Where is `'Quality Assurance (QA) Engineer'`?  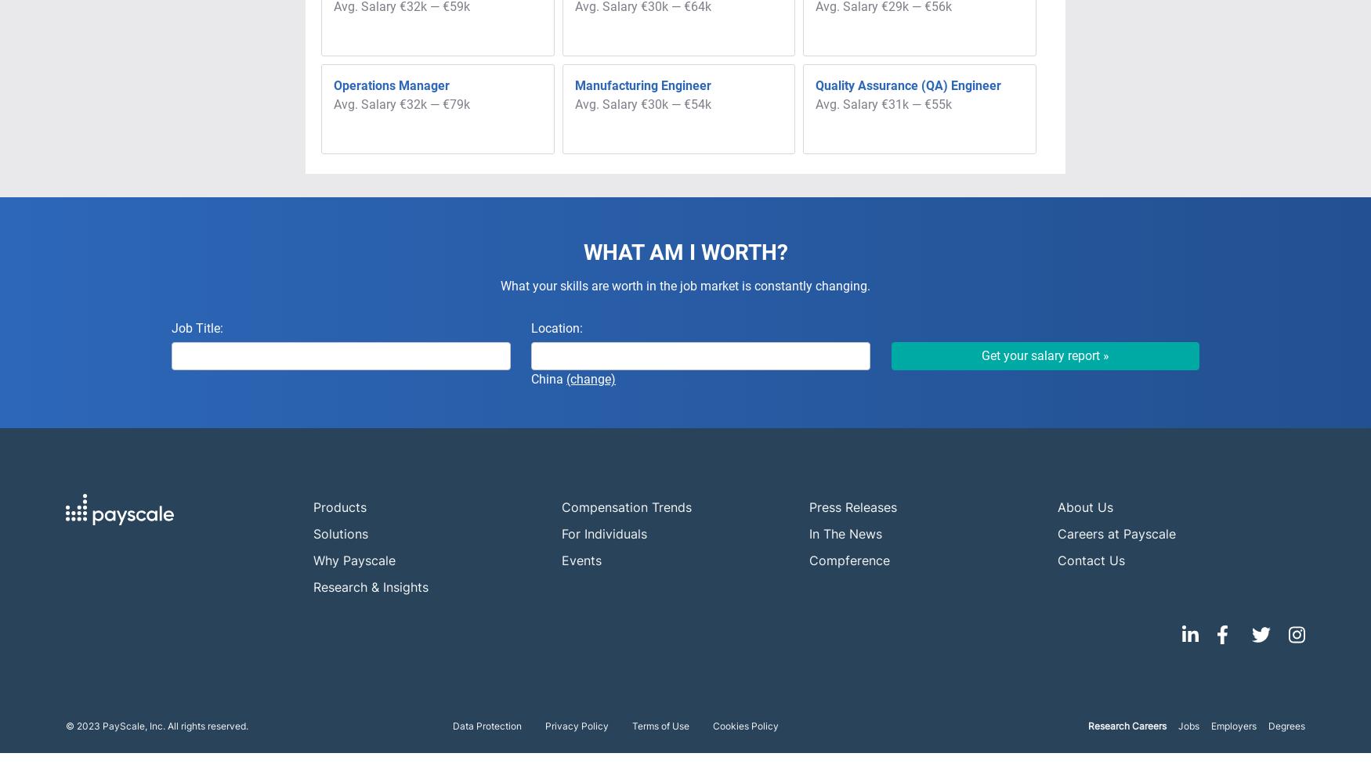 'Quality Assurance (QA) Engineer' is located at coordinates (907, 85).